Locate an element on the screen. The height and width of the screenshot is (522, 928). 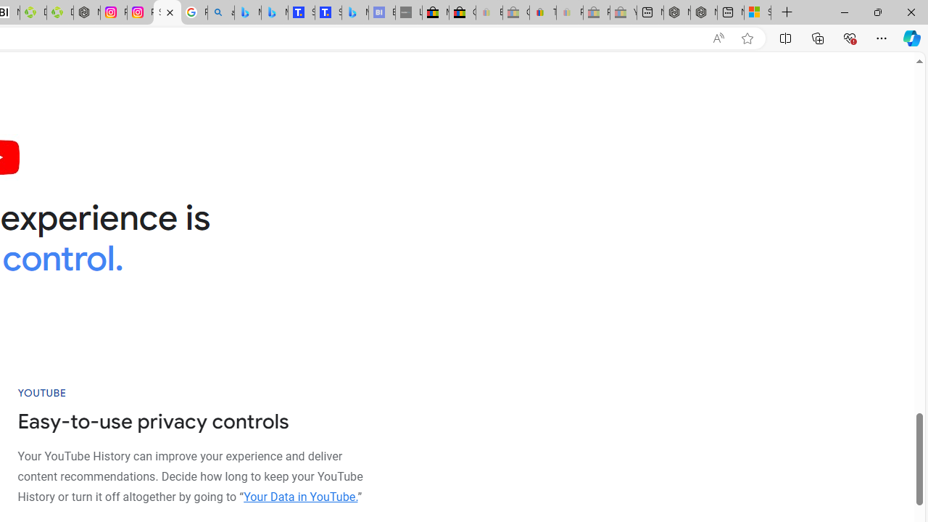
'Go to Your Data in YouTube' is located at coordinates (299, 496).